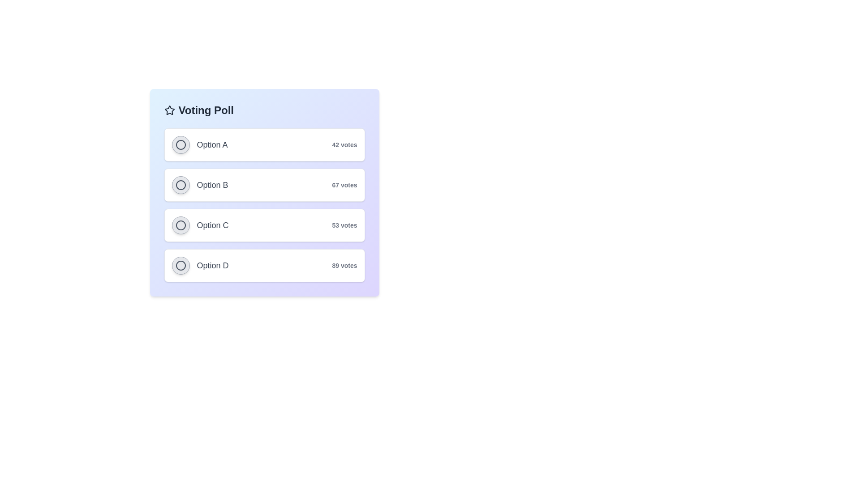 Image resolution: width=860 pixels, height=483 pixels. Describe the element at coordinates (169, 110) in the screenshot. I see `the star-shaped icon located to the left of the 'Voting Poll' text in the heading section of the card interface` at that location.